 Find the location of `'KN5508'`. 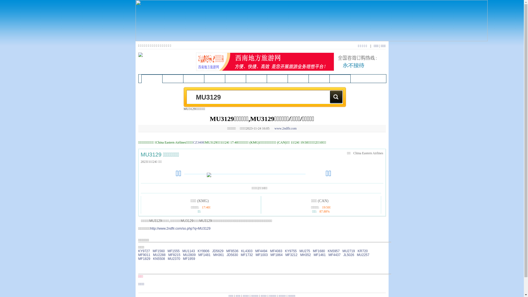

'KN5508' is located at coordinates (159, 259).